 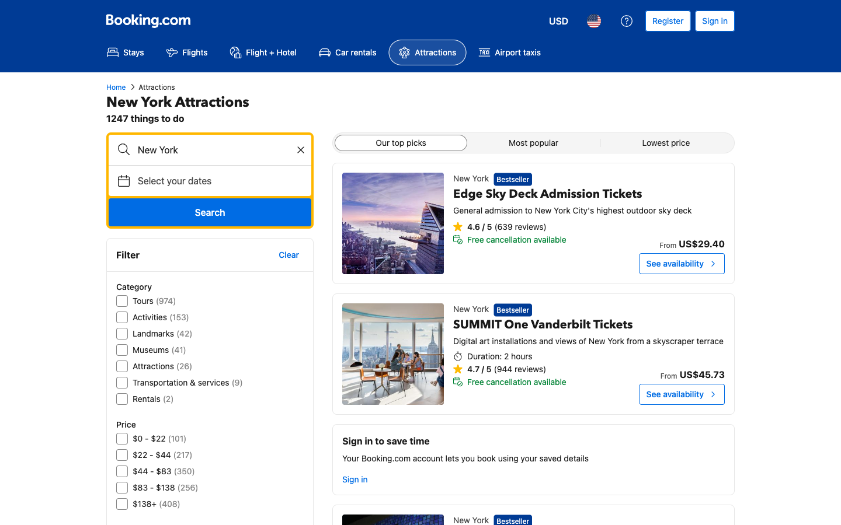 I want to click on Update to the secondary currency choice from the menu, so click(x=558, y=20).